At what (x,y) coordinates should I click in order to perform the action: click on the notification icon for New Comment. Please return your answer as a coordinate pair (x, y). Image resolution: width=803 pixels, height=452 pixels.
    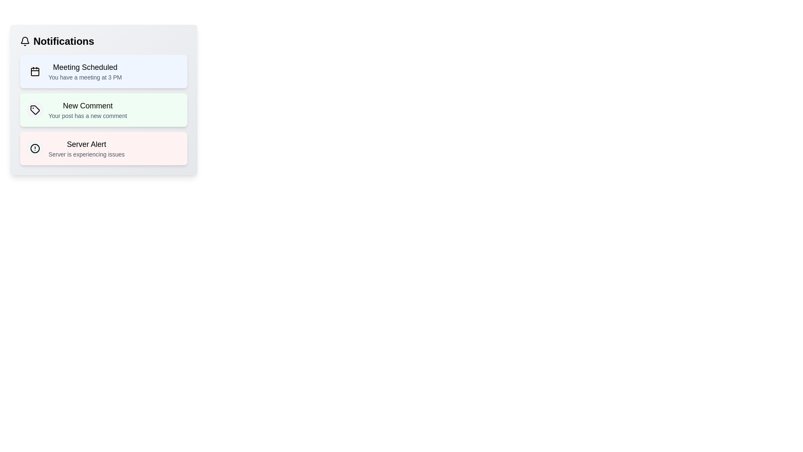
    Looking at the image, I should click on (34, 109).